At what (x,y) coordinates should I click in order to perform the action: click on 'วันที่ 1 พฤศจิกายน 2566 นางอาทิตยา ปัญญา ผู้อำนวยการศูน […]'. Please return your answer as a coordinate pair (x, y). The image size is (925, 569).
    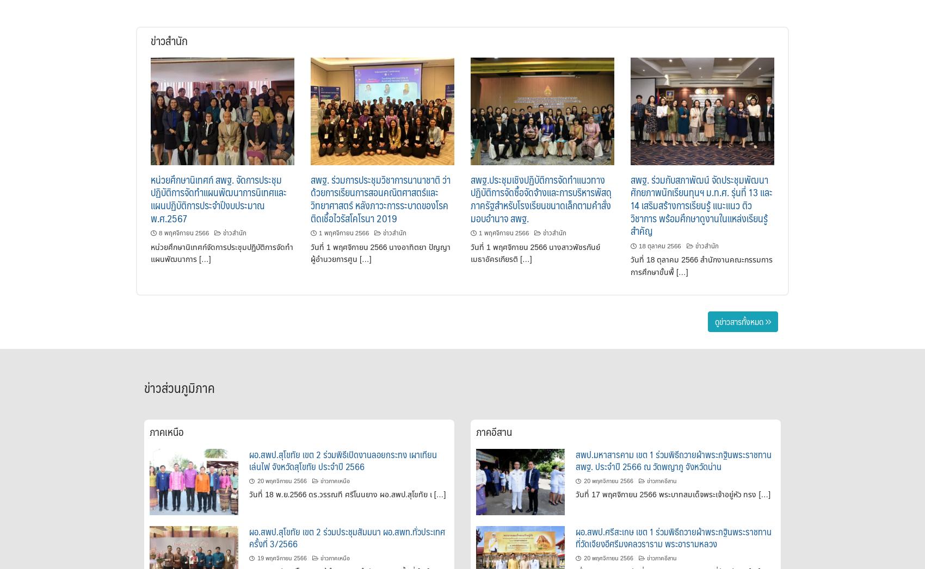
    Looking at the image, I should click on (380, 253).